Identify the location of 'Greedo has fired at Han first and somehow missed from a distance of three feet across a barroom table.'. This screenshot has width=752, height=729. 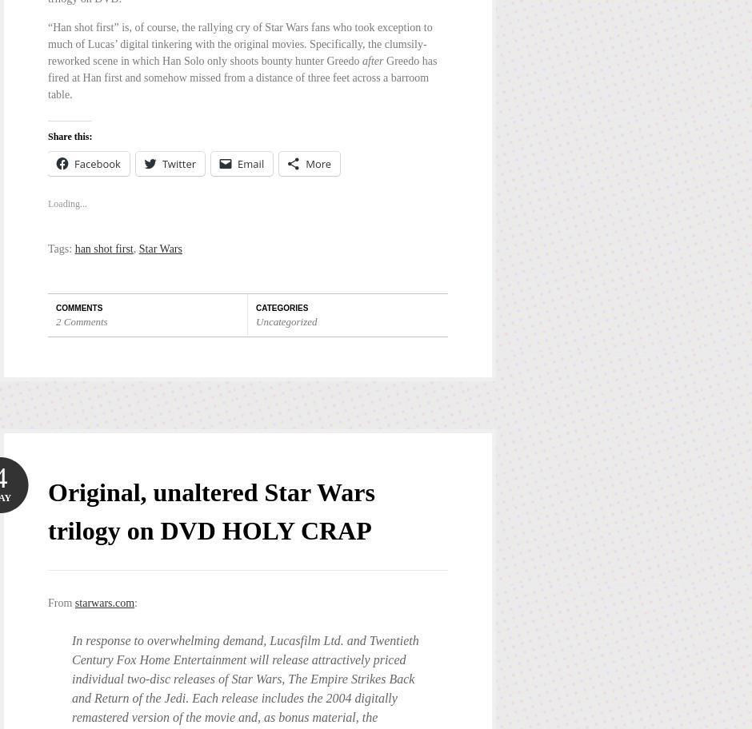
(241, 77).